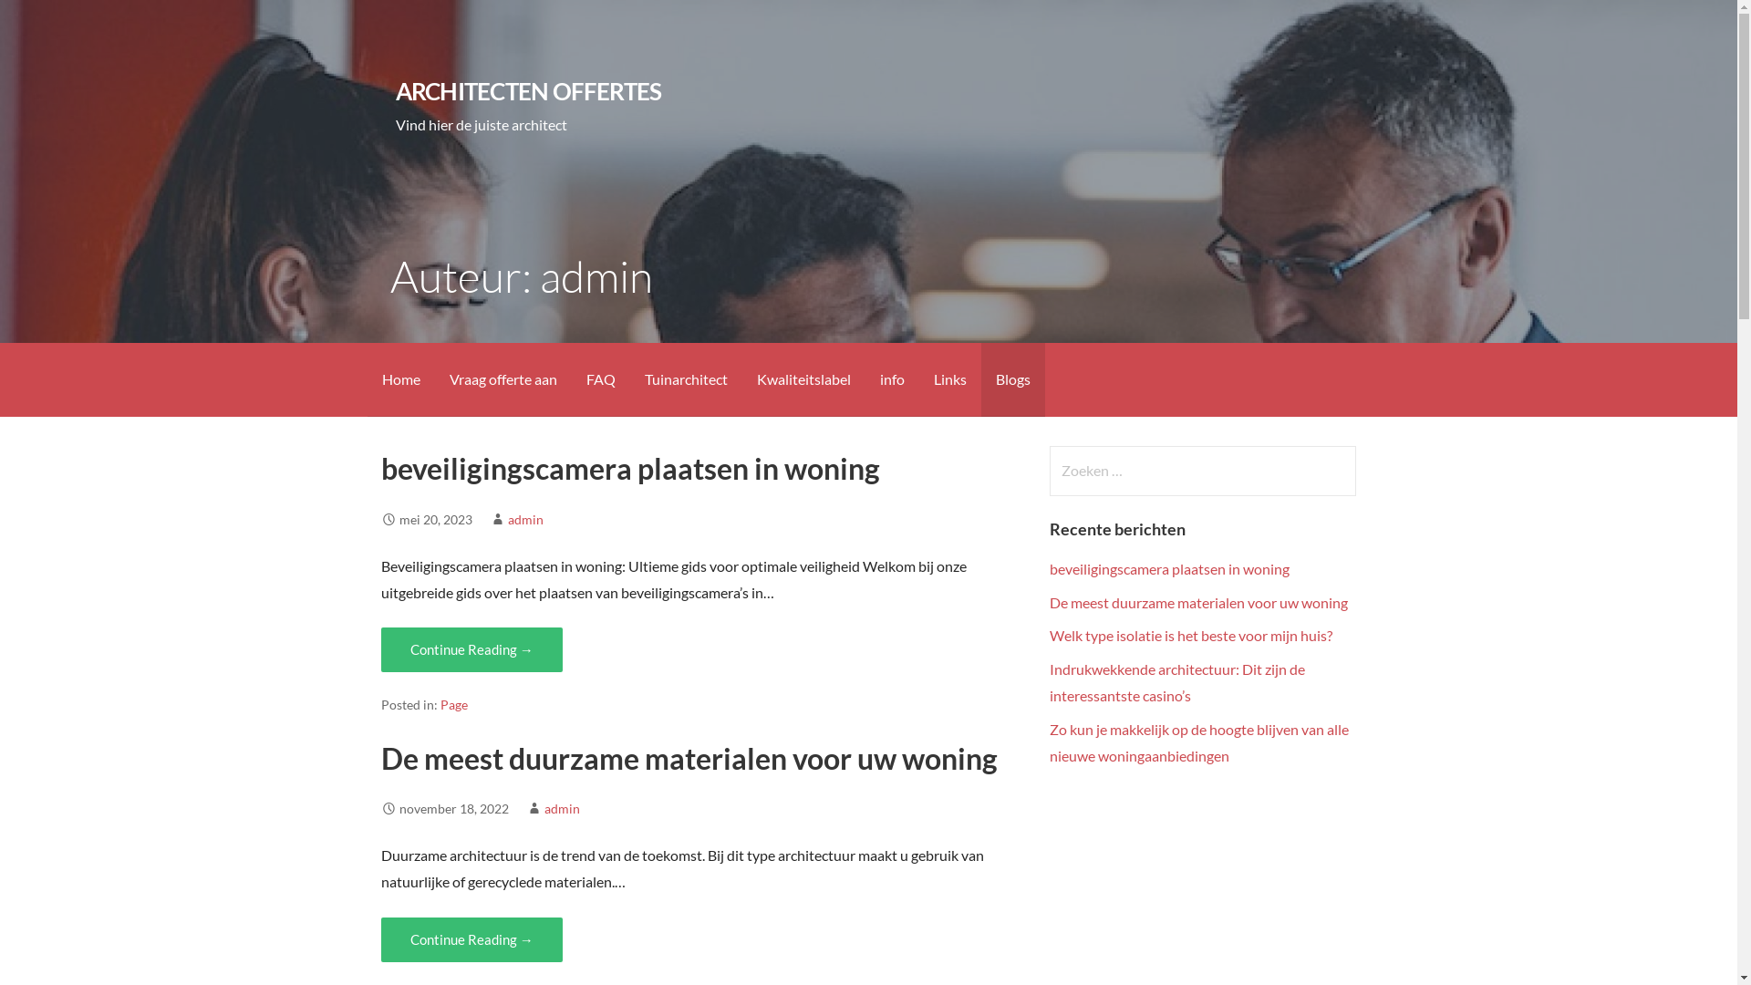 The height and width of the screenshot is (985, 1751). I want to click on 'Welk type isolatie is het beste voor mijn huis?', so click(1190, 634).